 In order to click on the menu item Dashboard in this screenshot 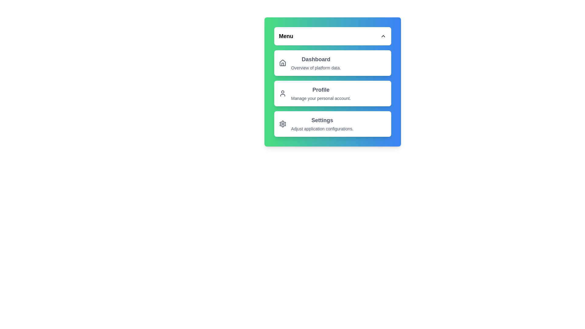, I will do `click(332, 63)`.